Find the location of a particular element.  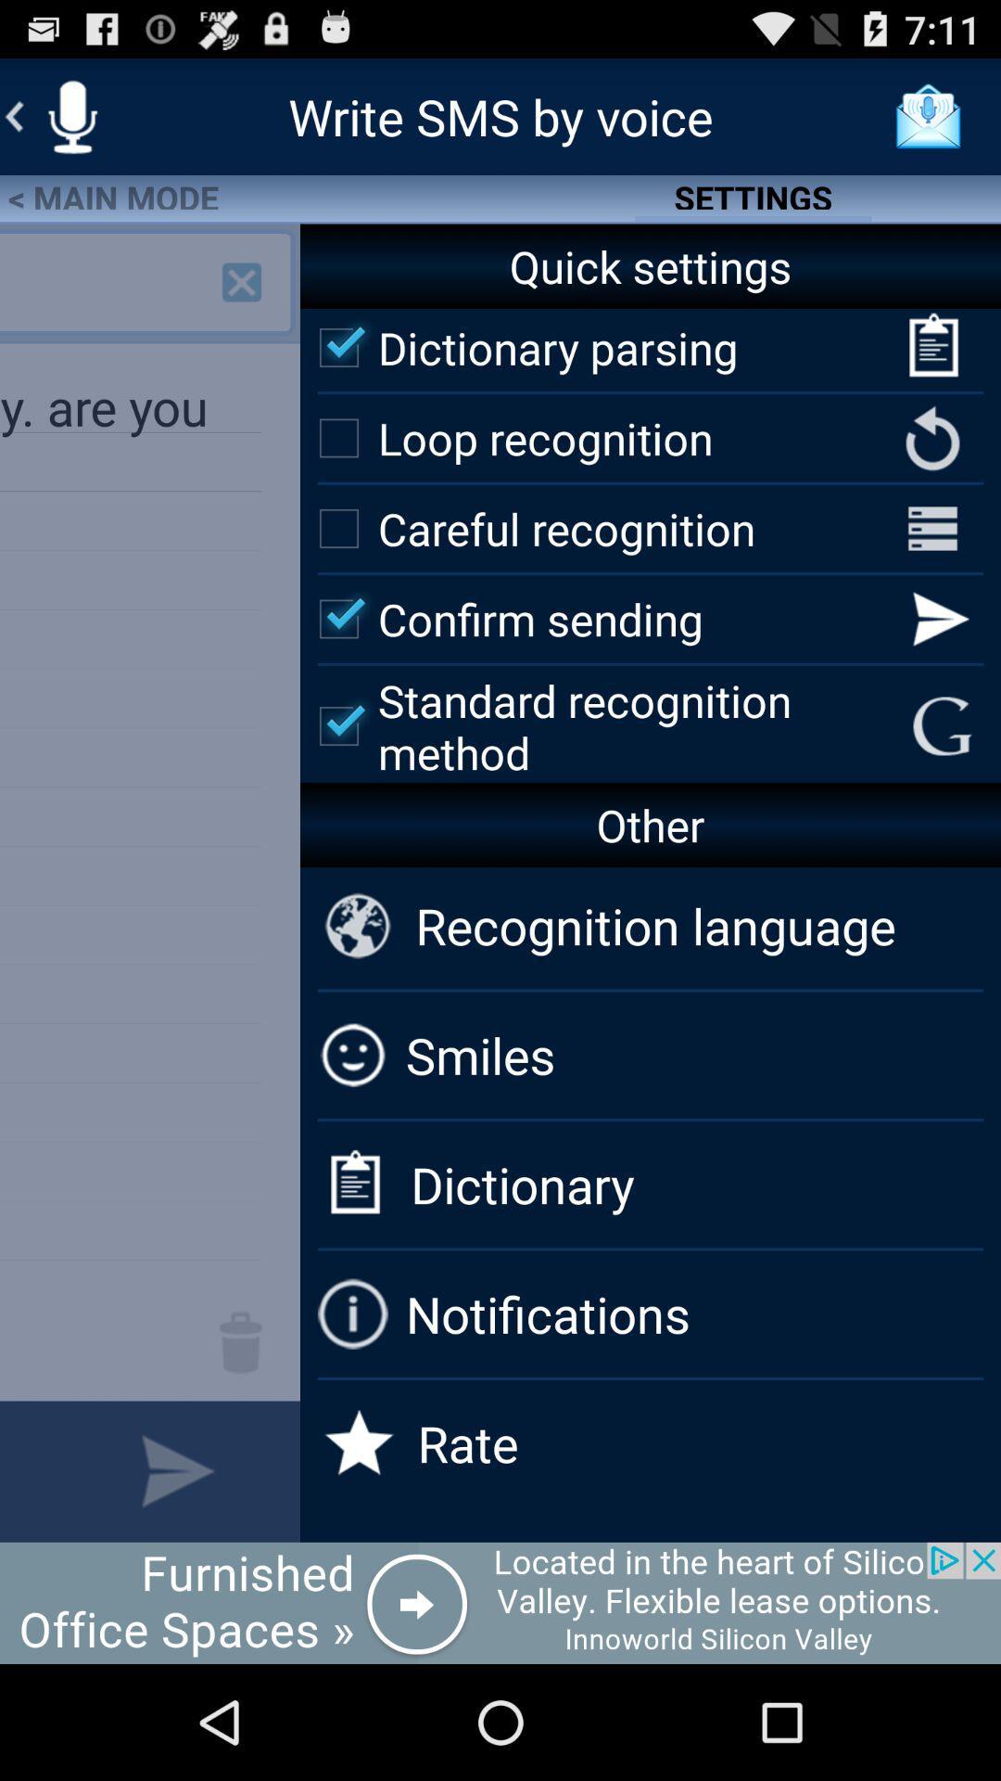

activate microphone is located at coordinates (71, 115).